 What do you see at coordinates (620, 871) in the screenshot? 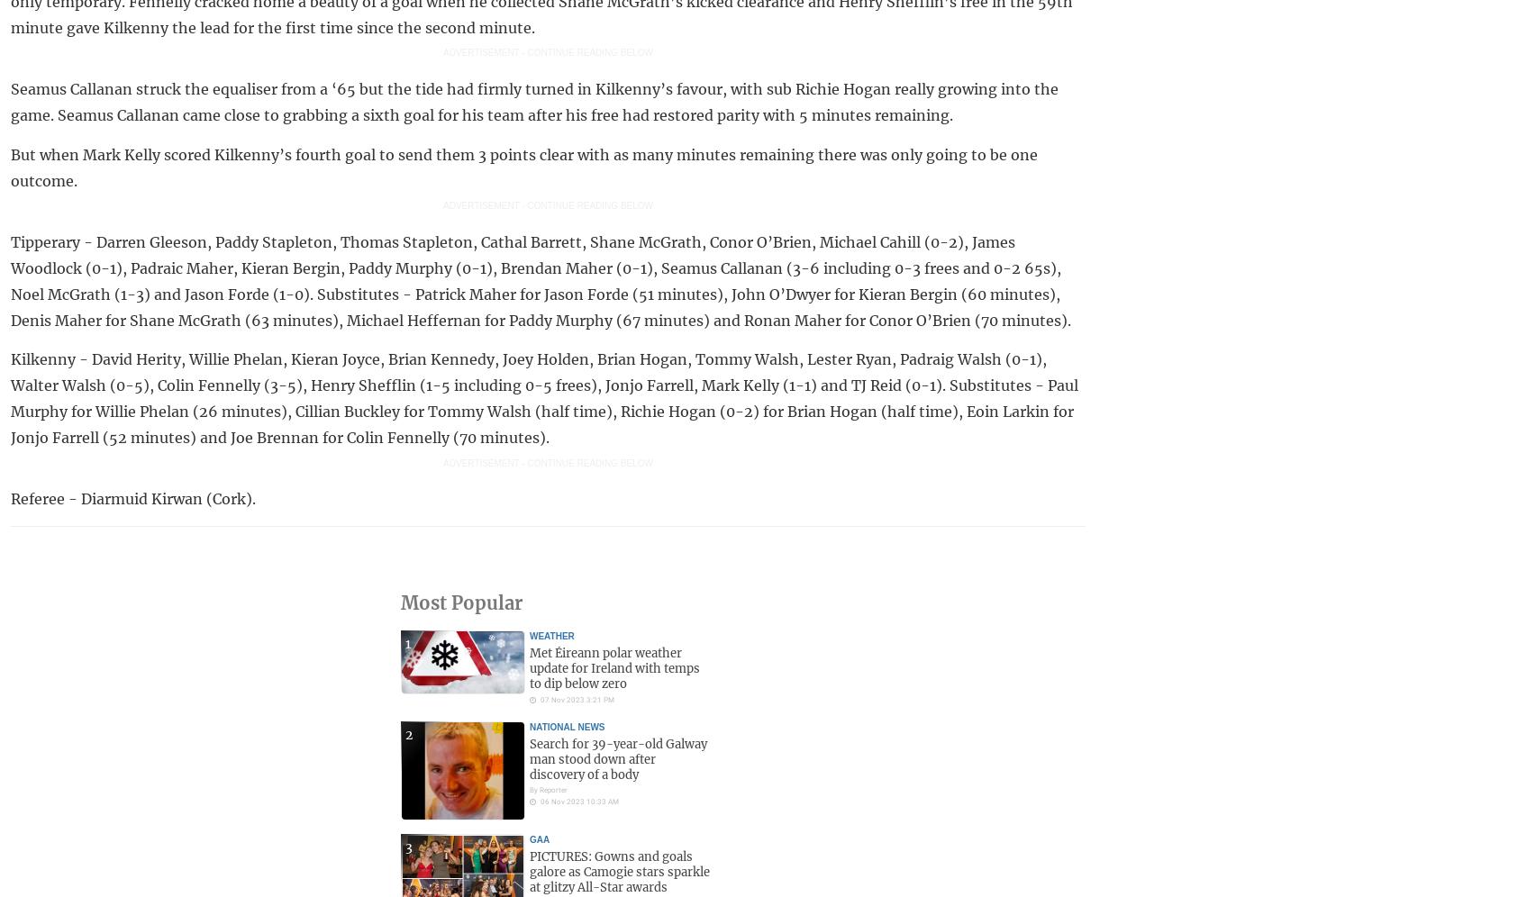
I see `'PICTURES: Gowns and goals galore as Camogie stars sparkle at glitzy All-Star awards'` at bounding box center [620, 871].